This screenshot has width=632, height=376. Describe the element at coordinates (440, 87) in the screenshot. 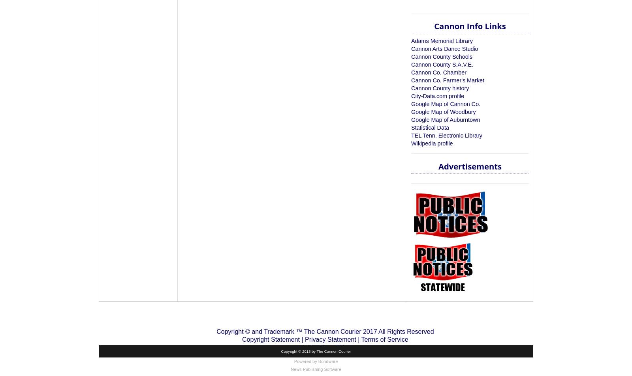

I see `'Cannon County history'` at that location.